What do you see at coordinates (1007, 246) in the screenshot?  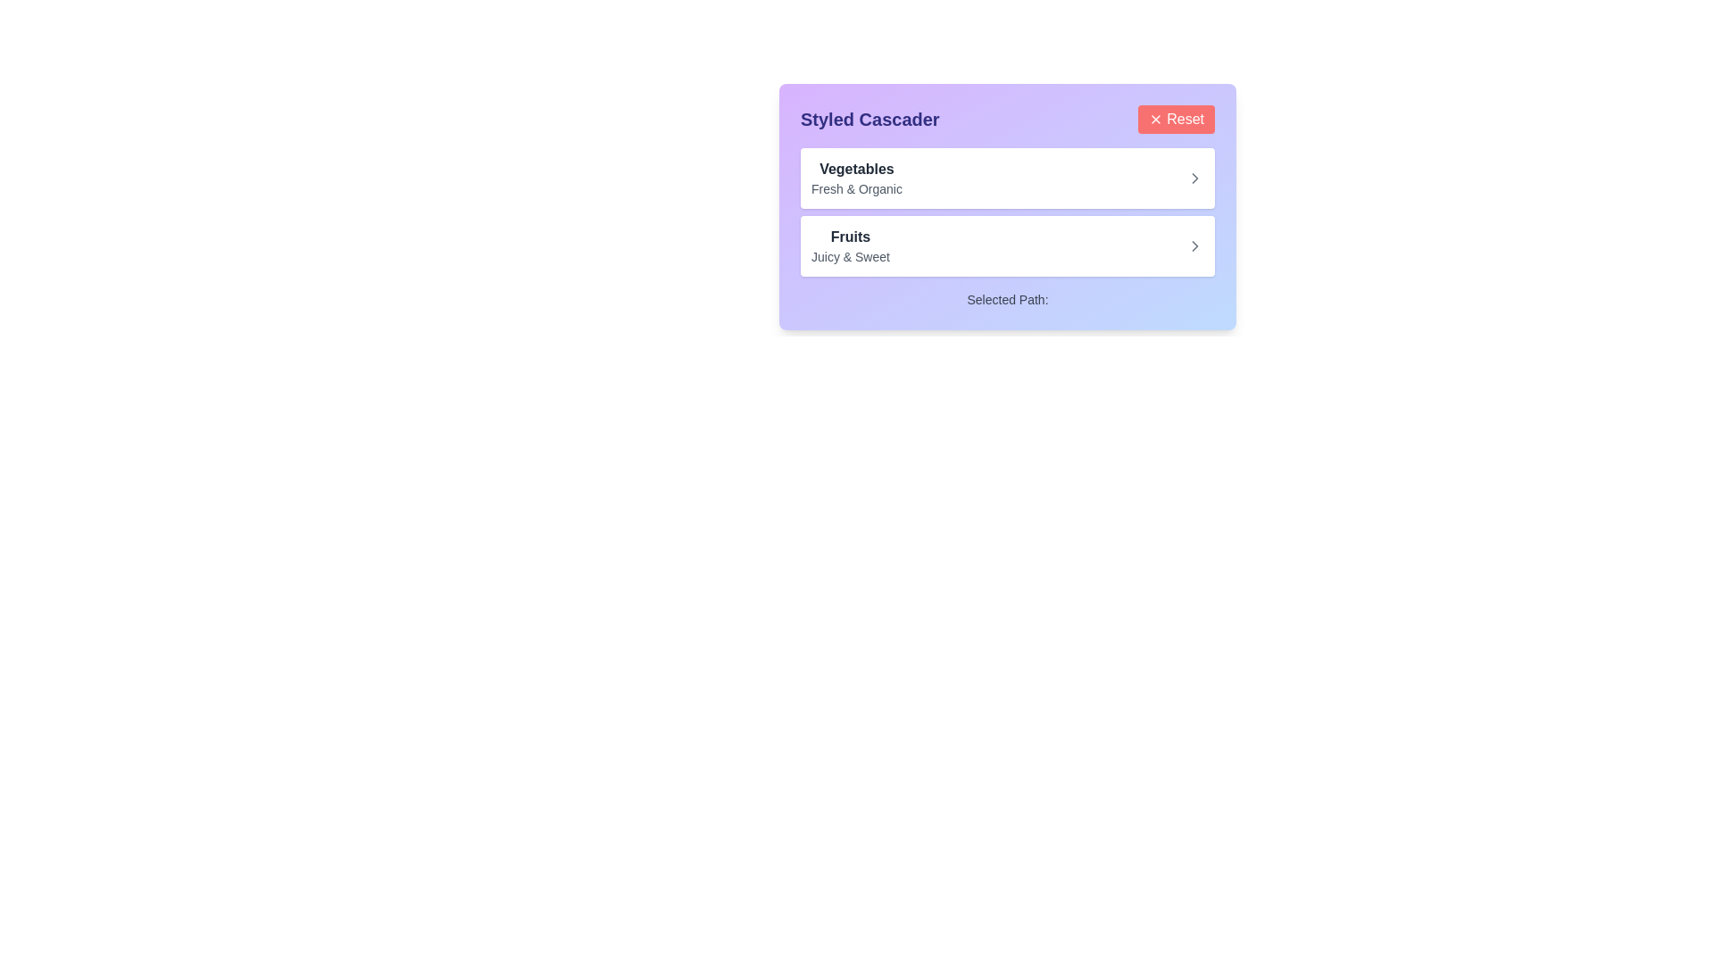 I see `the selectable category item named 'Fruits' with the subtitle 'Juicy & Sweet'` at bounding box center [1007, 246].